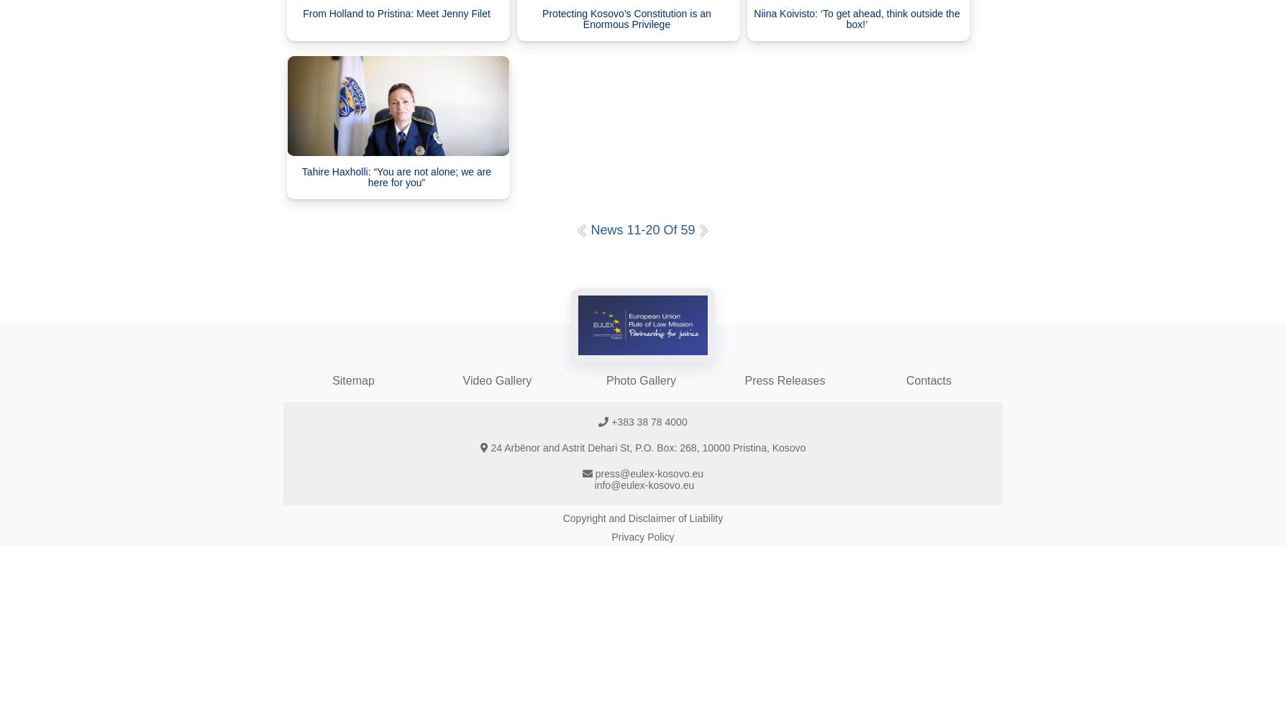 The width and height of the screenshot is (1286, 719). Describe the element at coordinates (462, 380) in the screenshot. I see `'Video Gallery'` at that location.